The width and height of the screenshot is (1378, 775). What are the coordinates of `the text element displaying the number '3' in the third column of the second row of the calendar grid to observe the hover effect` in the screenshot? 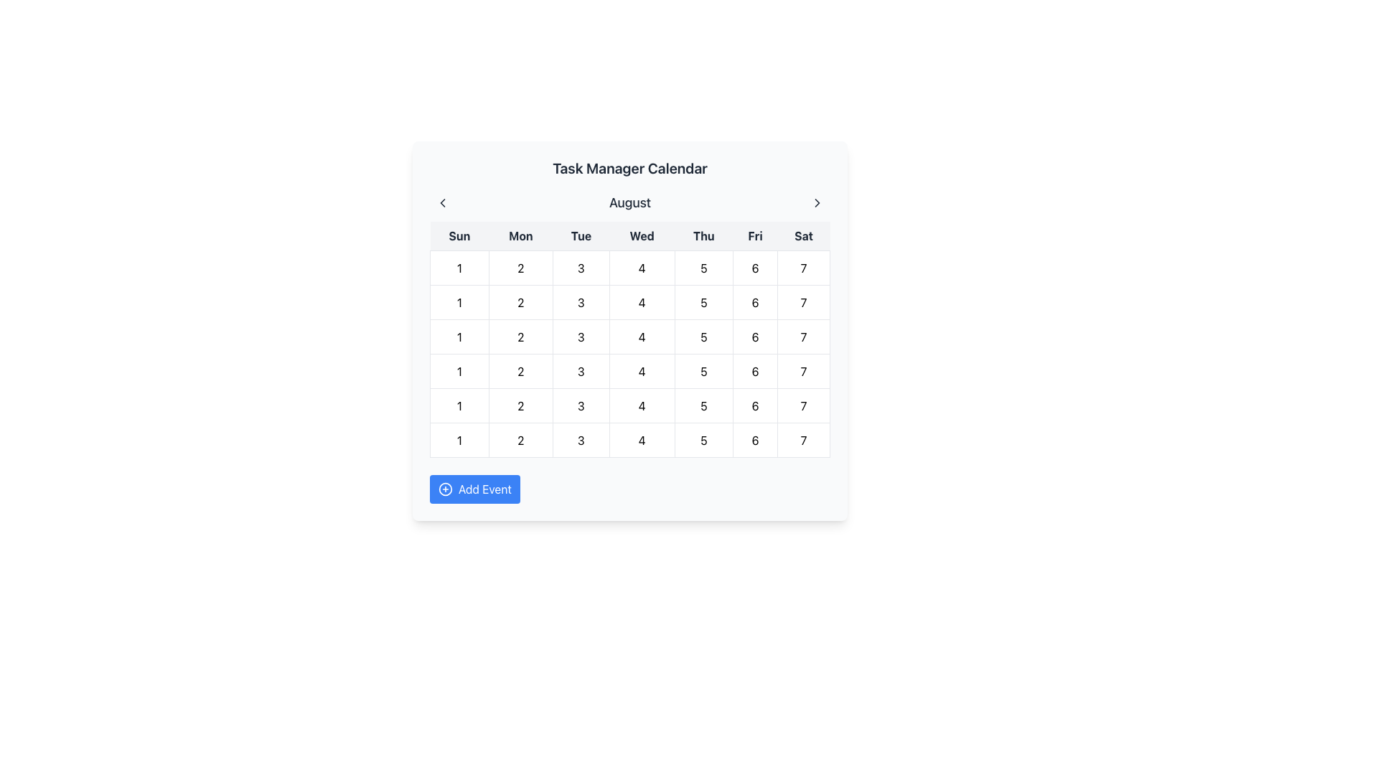 It's located at (581, 439).